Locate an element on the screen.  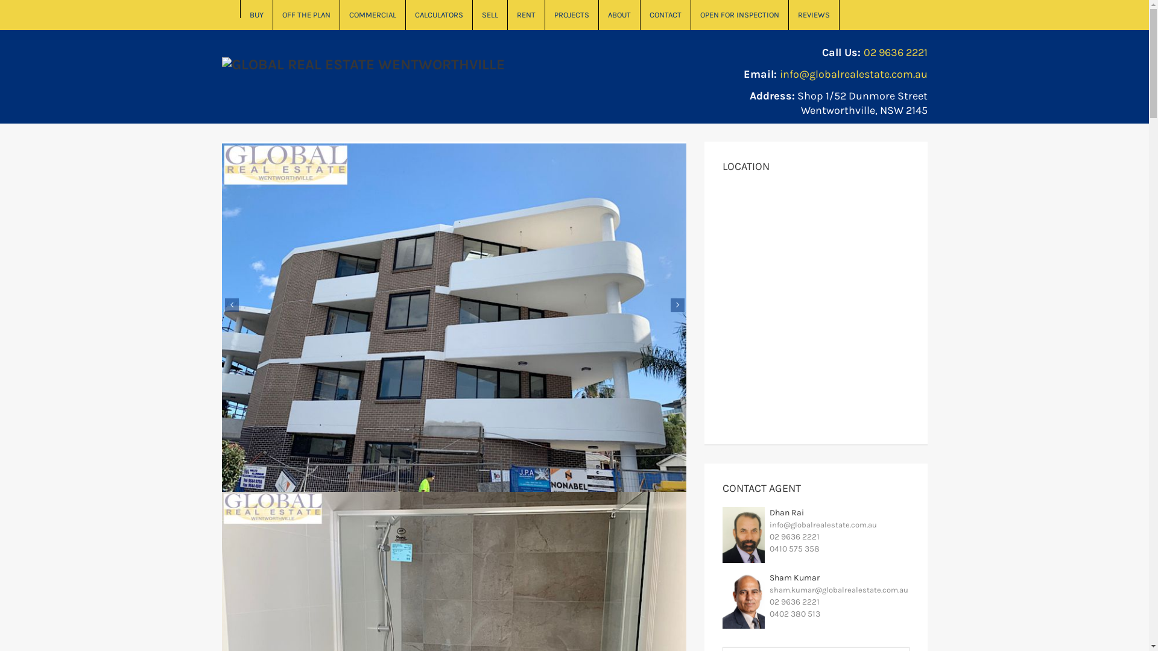
'CALCULATORS' is located at coordinates (438, 14).